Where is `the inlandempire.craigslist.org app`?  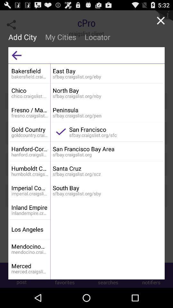
the inlandempire.craigslist.org app is located at coordinates (29, 213).